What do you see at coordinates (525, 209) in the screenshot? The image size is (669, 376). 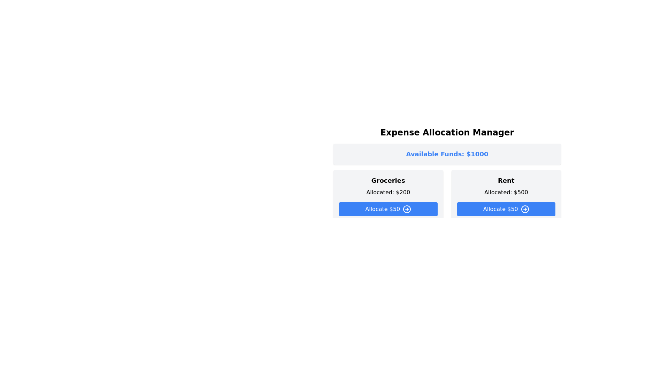 I see `the icon located on the button labeled 'Allocate $50', which is positioned in the right section of a two-column layout, directly related to the 'Rent' section above it` at bounding box center [525, 209].